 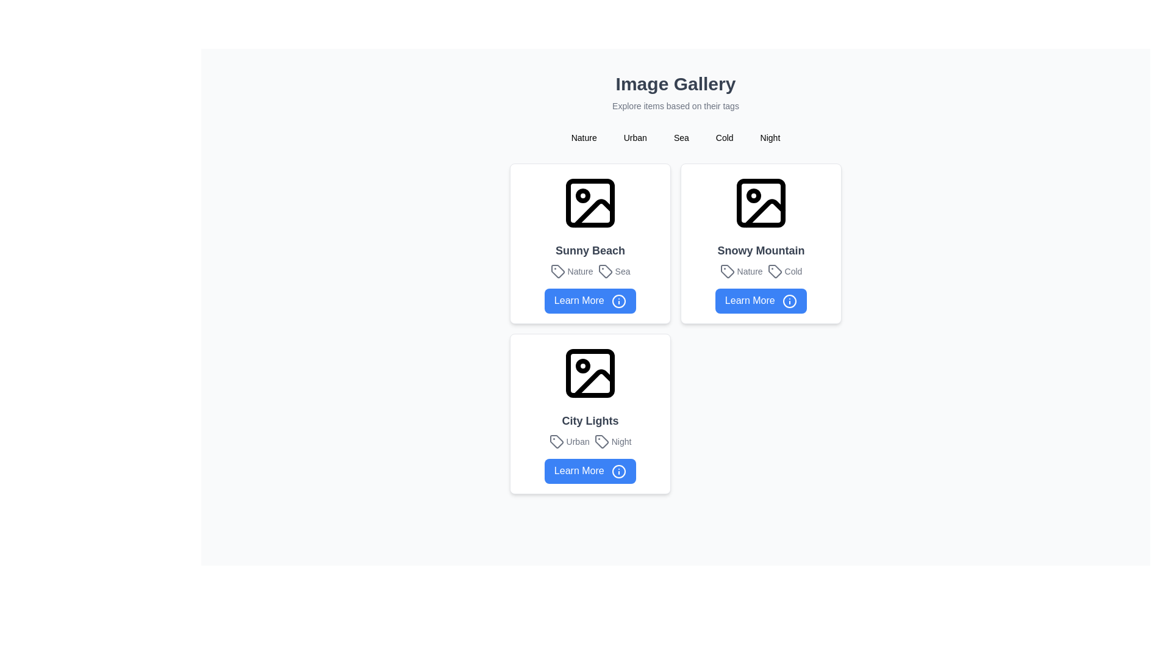 What do you see at coordinates (761, 243) in the screenshot?
I see `tags for filtering options on the Card component located in the top row, center column of the grid layout` at bounding box center [761, 243].